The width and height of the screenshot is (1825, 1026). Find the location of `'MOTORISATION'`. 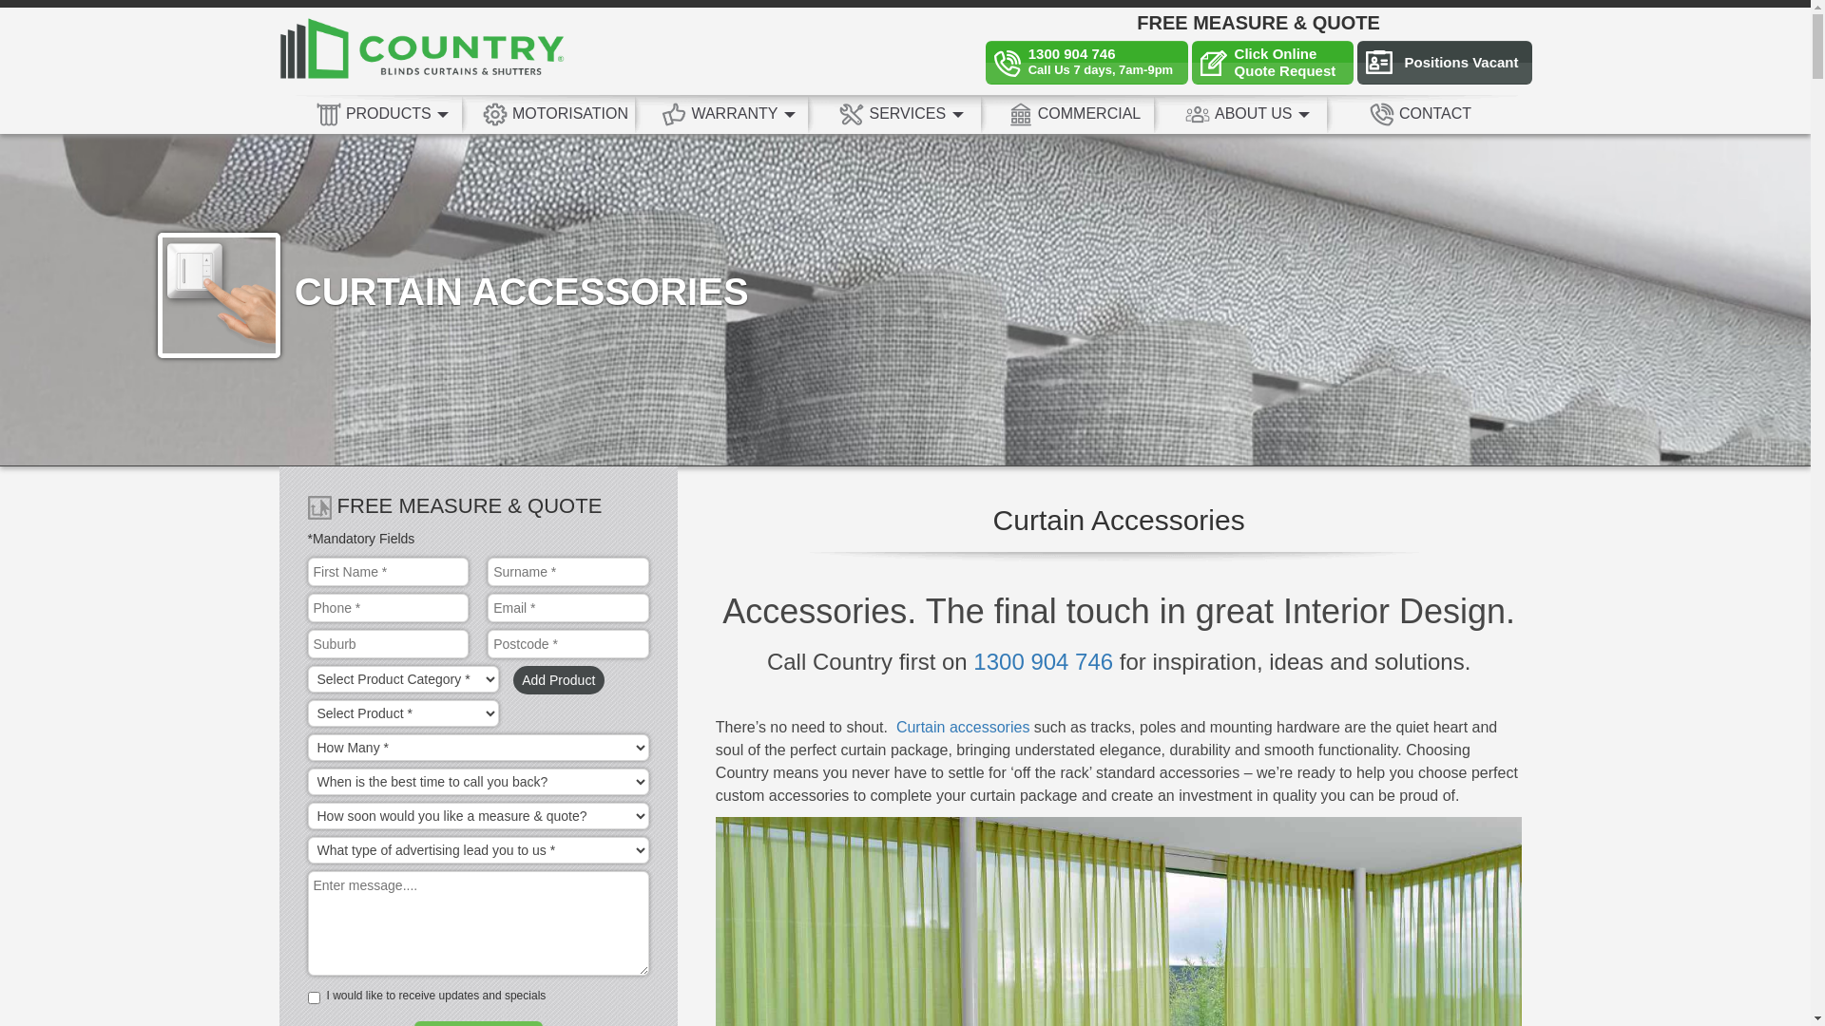

'MOTORISATION' is located at coordinates (555, 114).